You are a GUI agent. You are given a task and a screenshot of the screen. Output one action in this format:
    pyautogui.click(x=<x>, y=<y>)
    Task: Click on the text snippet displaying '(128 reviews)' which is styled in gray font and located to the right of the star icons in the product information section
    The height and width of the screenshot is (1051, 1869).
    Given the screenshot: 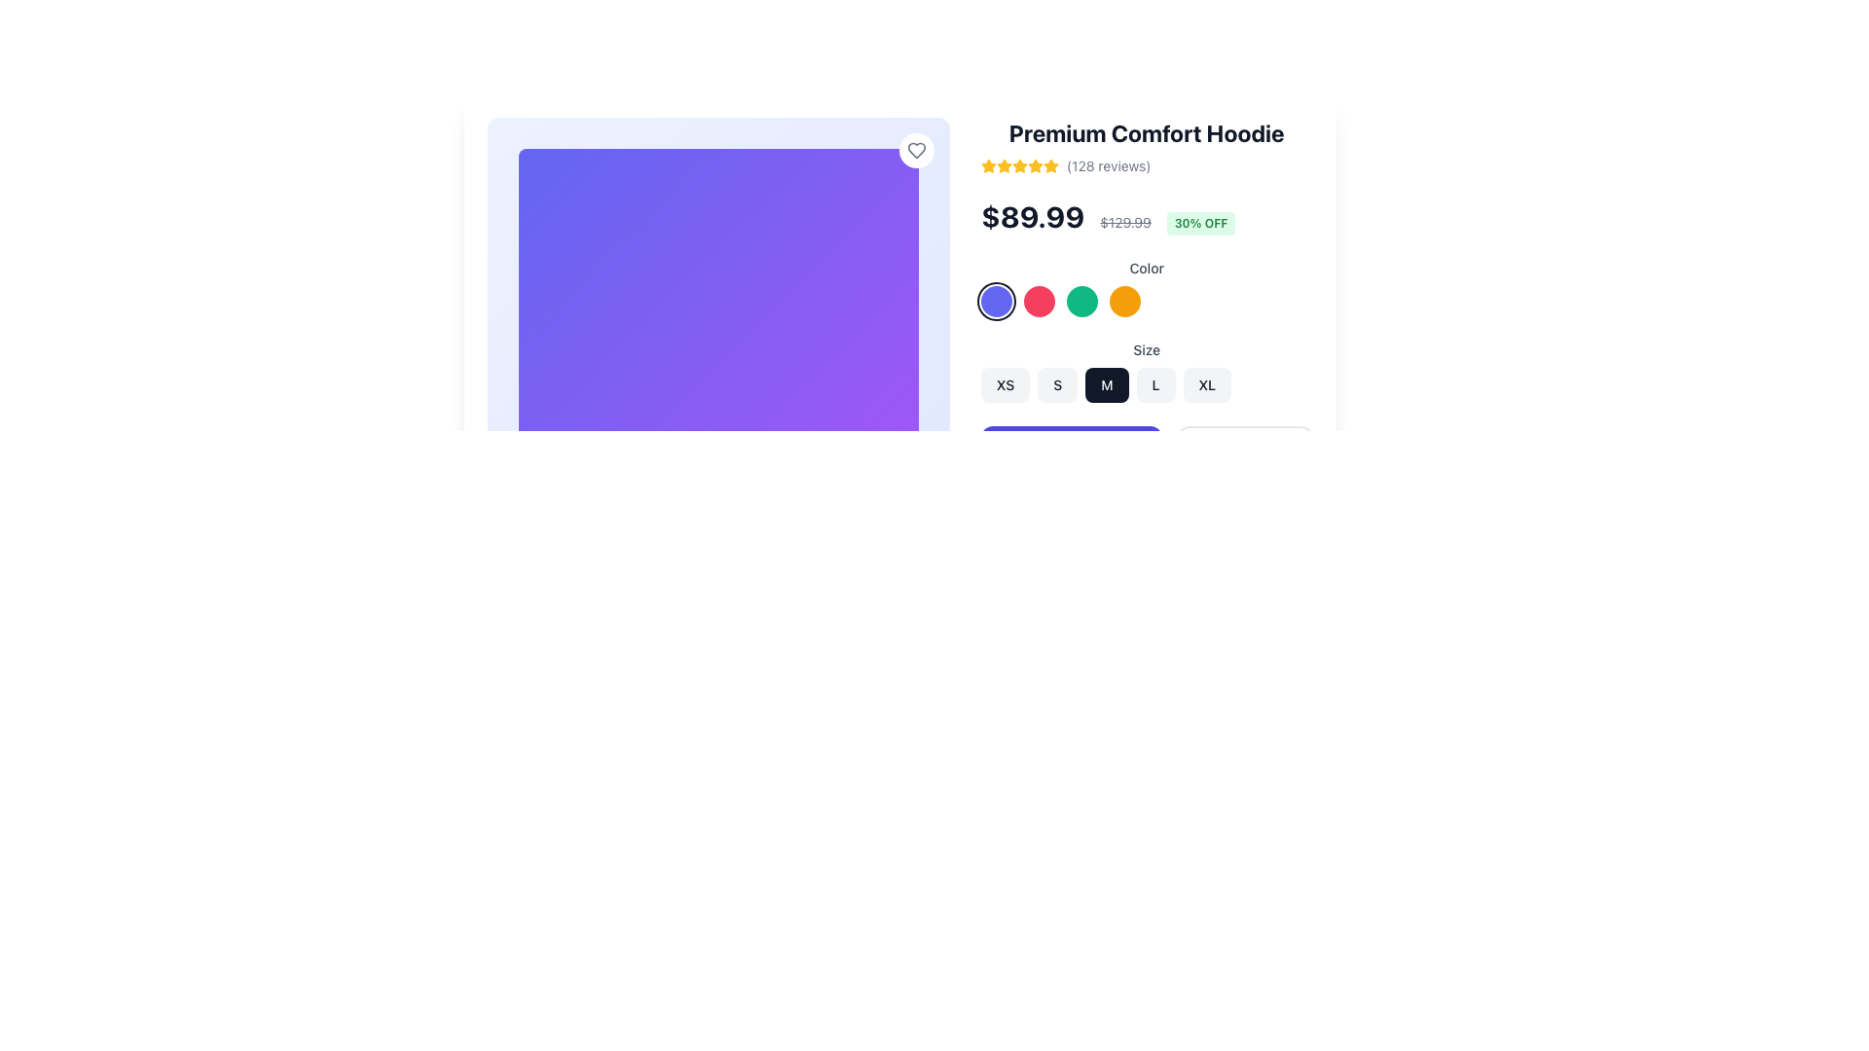 What is the action you would take?
    pyautogui.click(x=1109, y=164)
    